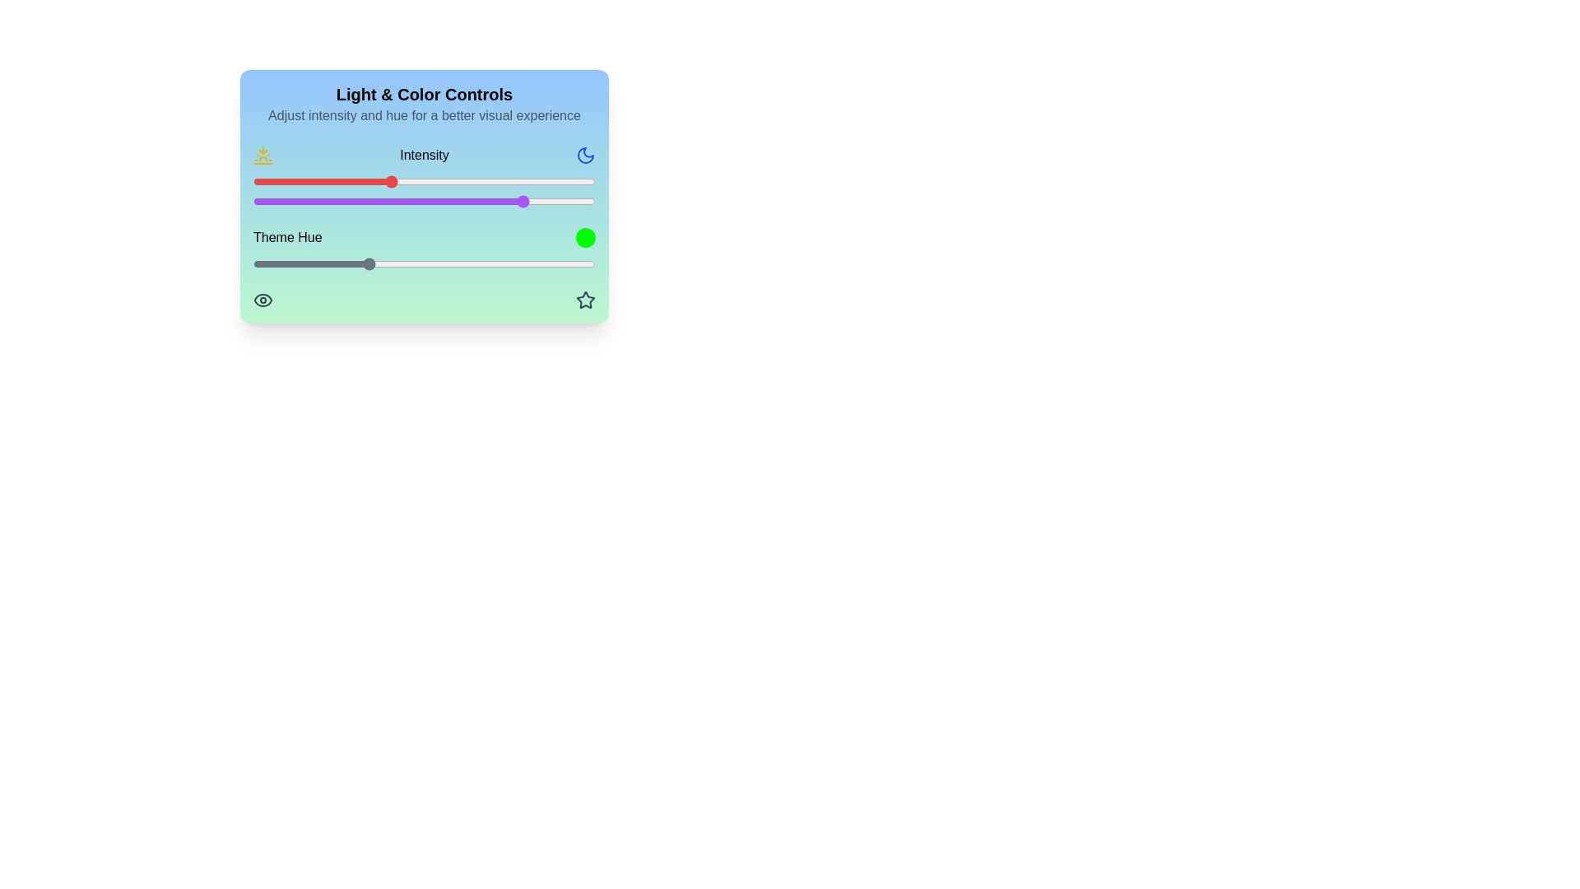 Image resolution: width=1580 pixels, height=889 pixels. What do you see at coordinates (424, 156) in the screenshot?
I see `the 'Intensity' text label, which is displayed in bold on a blue gradient background, located at the top of the 'Light & Color Controls' interface` at bounding box center [424, 156].